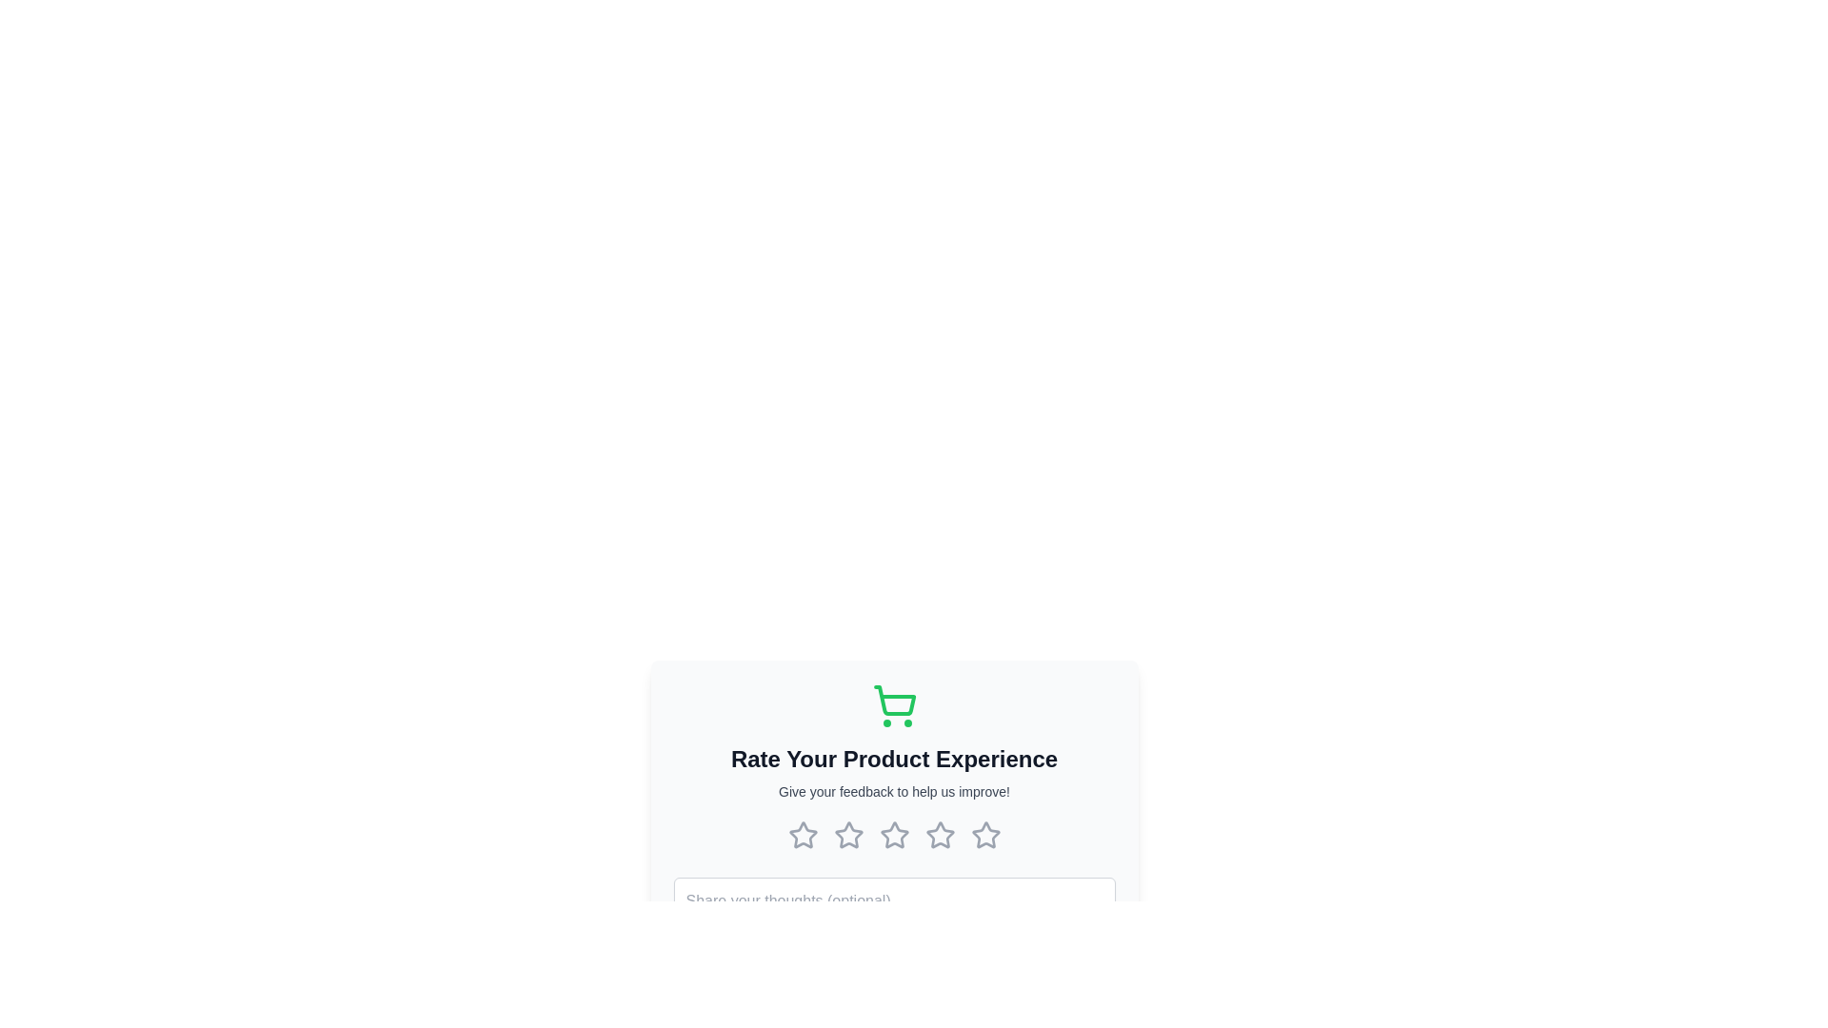 This screenshot has height=1028, width=1828. Describe the element at coordinates (940, 835) in the screenshot. I see `the fourth star button in the rating row to change its color to yellow, which represents a rating of four stars out of five` at that location.